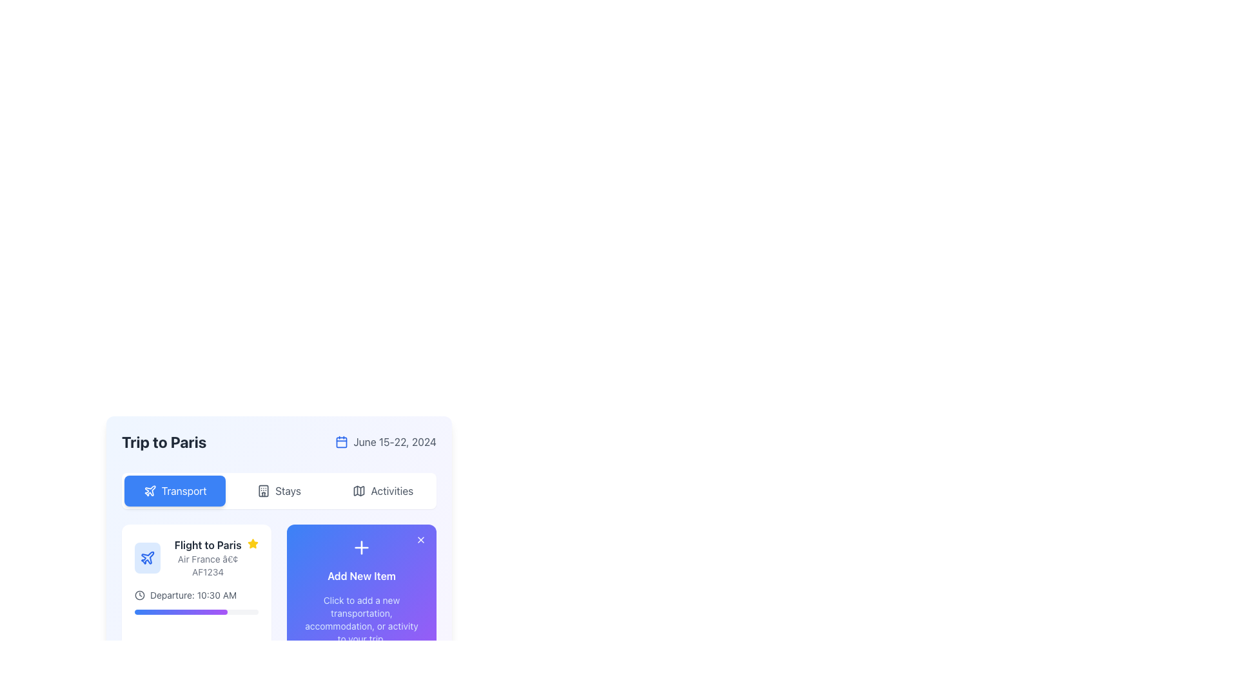  I want to click on the 'Stays' label in the navigation bar, so click(287, 491).